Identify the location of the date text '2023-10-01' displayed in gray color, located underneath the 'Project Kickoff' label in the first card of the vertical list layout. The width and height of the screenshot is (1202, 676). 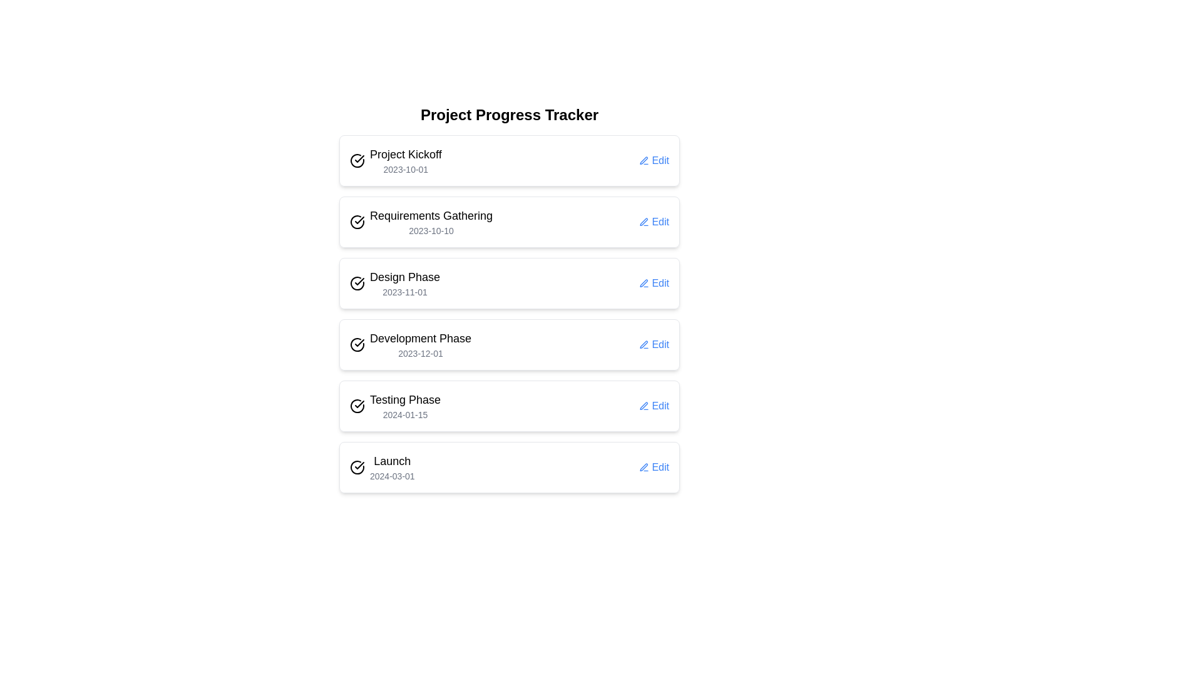
(406, 169).